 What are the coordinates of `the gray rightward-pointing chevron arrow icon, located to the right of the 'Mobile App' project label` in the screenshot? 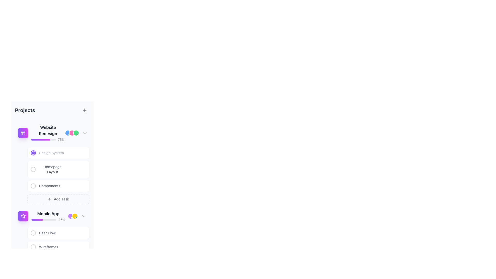 It's located at (84, 216).